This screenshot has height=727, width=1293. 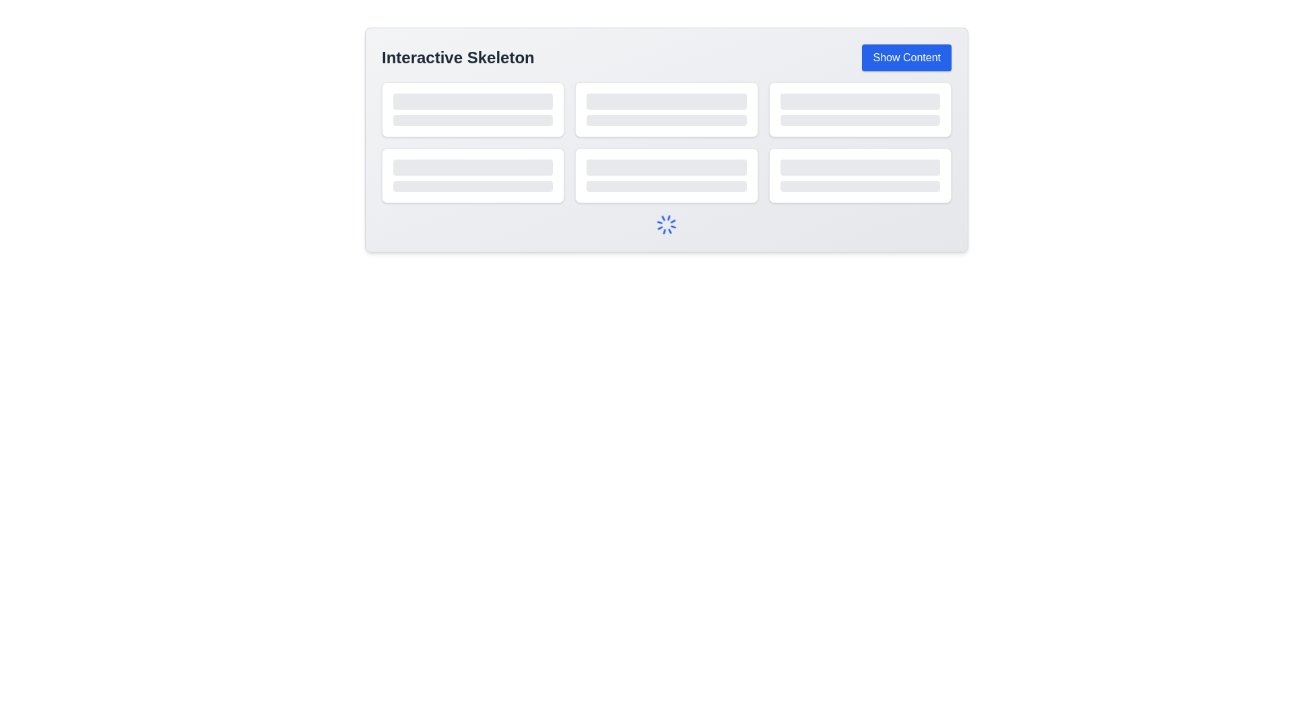 I want to click on the second placeholder bar (non-interactive) located below the text heading 'Interactive Skeleton', which is styled in gray with rounded ends, so click(x=473, y=186).